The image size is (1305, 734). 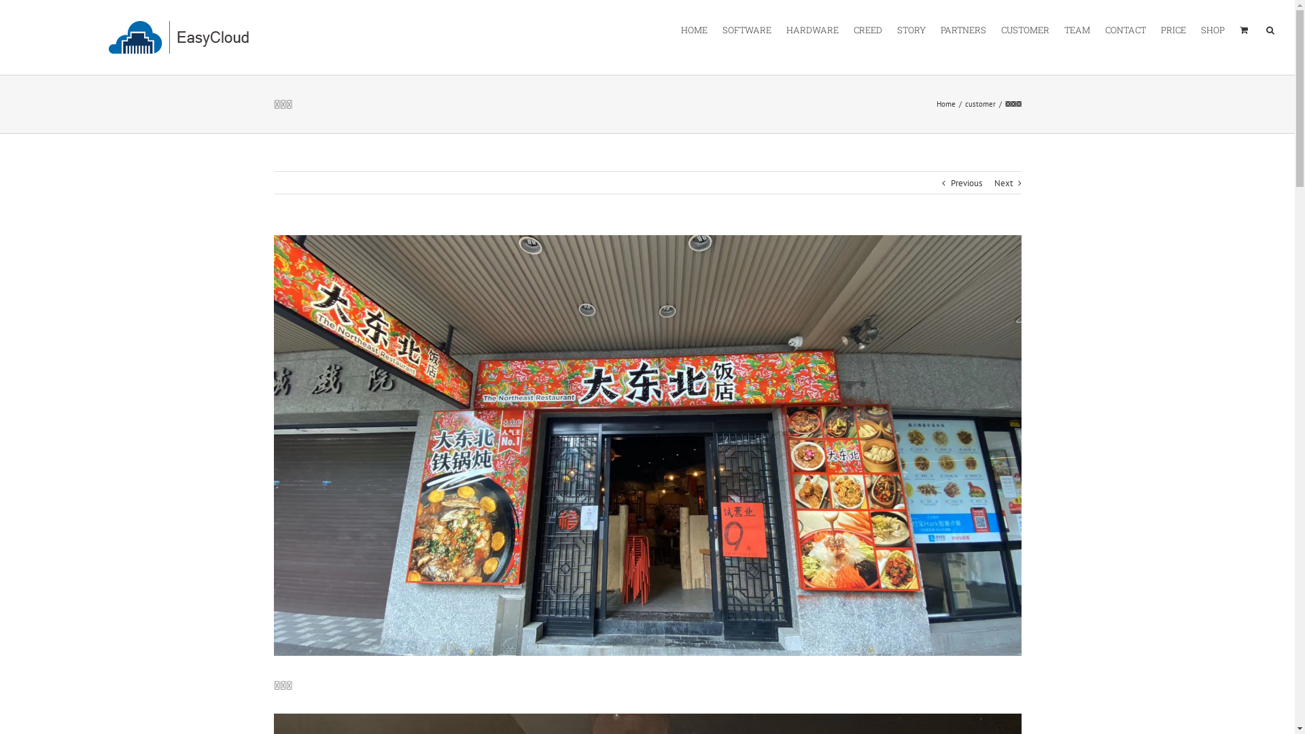 What do you see at coordinates (694, 29) in the screenshot?
I see `'HOME'` at bounding box center [694, 29].